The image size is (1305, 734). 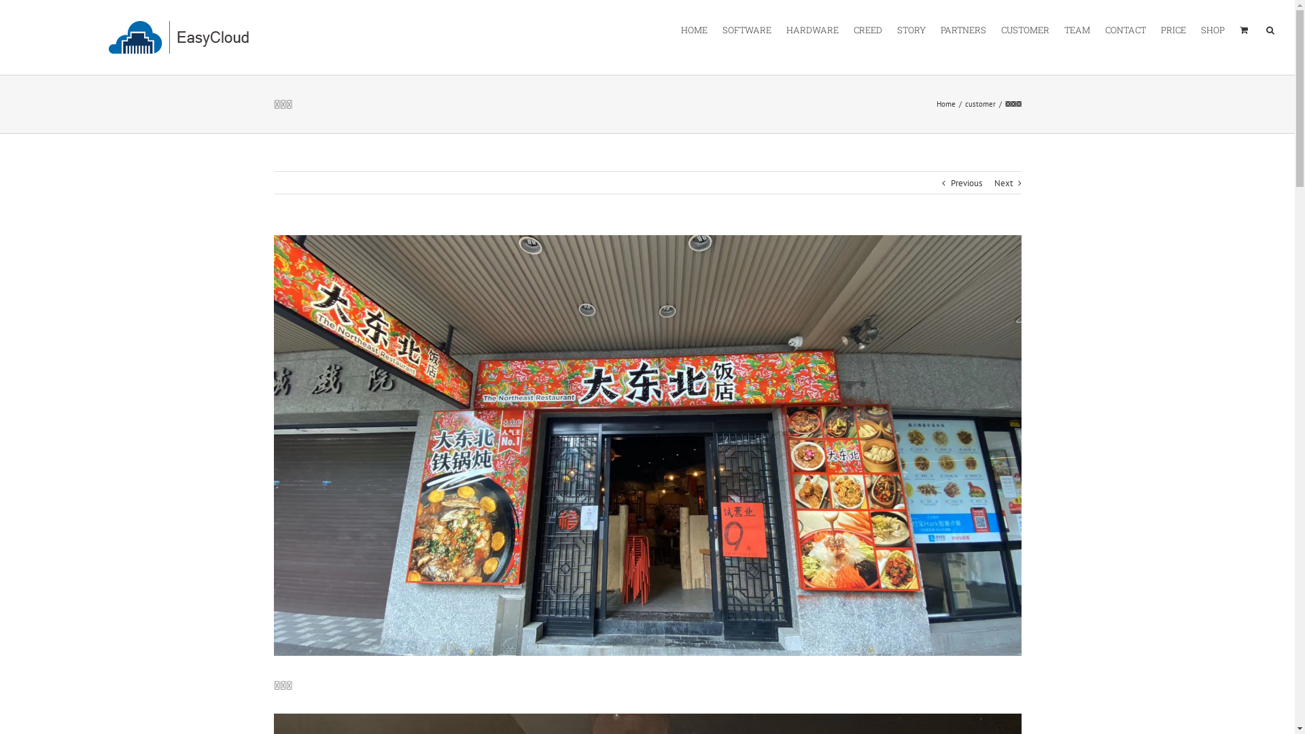 What do you see at coordinates (694, 29) in the screenshot?
I see `'HOME'` at bounding box center [694, 29].